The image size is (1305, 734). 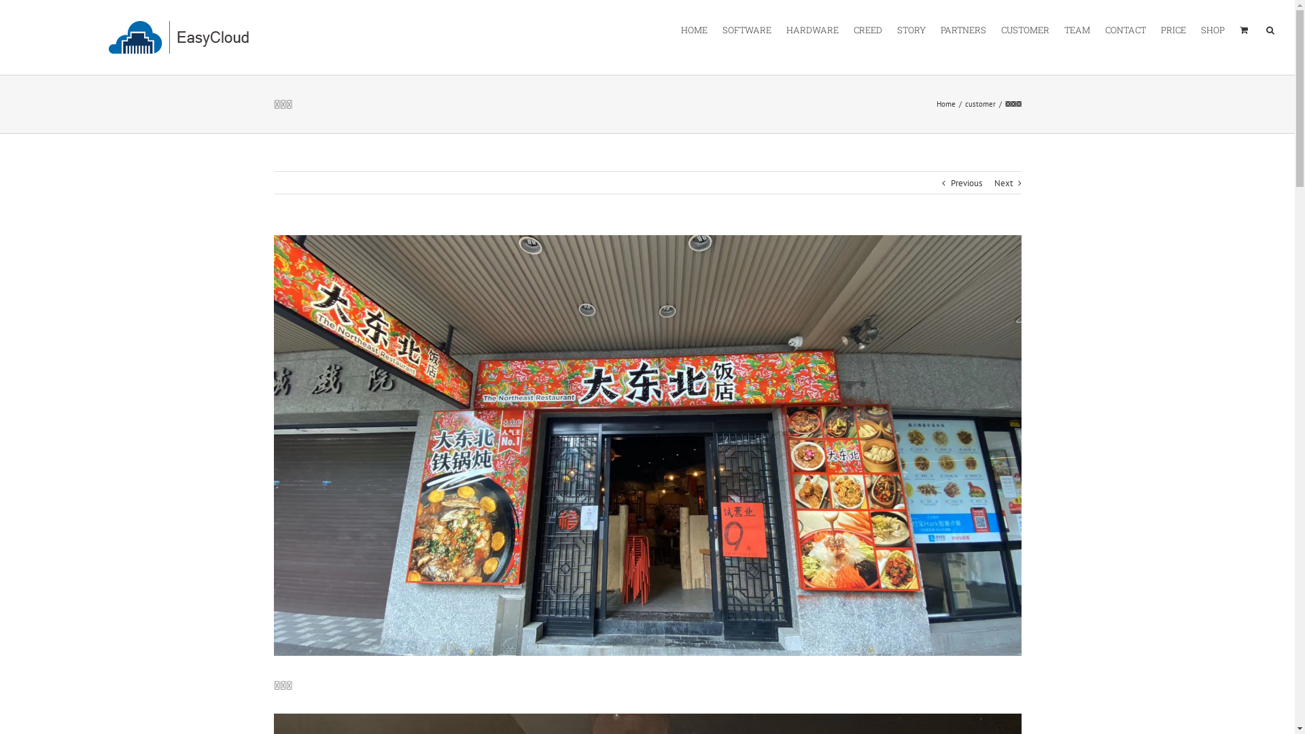 What do you see at coordinates (694, 29) in the screenshot?
I see `'HOME'` at bounding box center [694, 29].